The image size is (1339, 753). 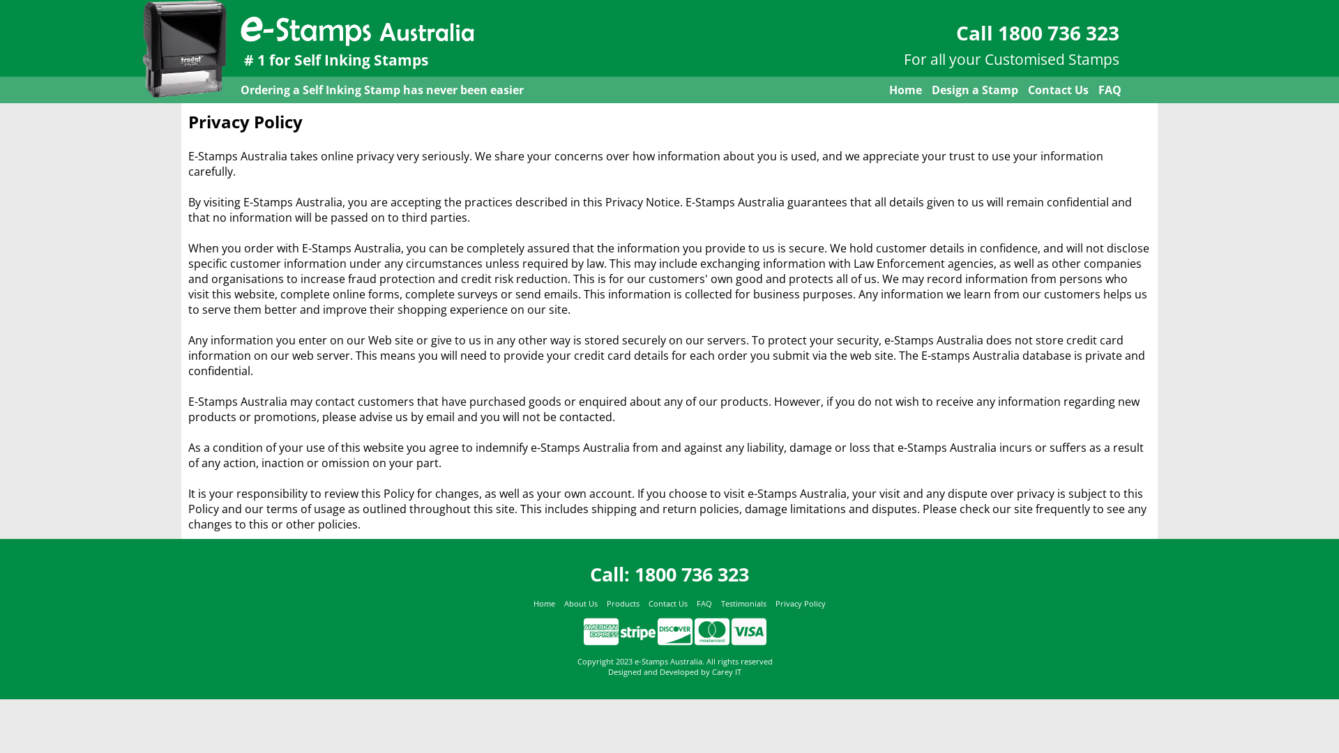 I want to click on 'Contact Us', so click(x=1058, y=89).